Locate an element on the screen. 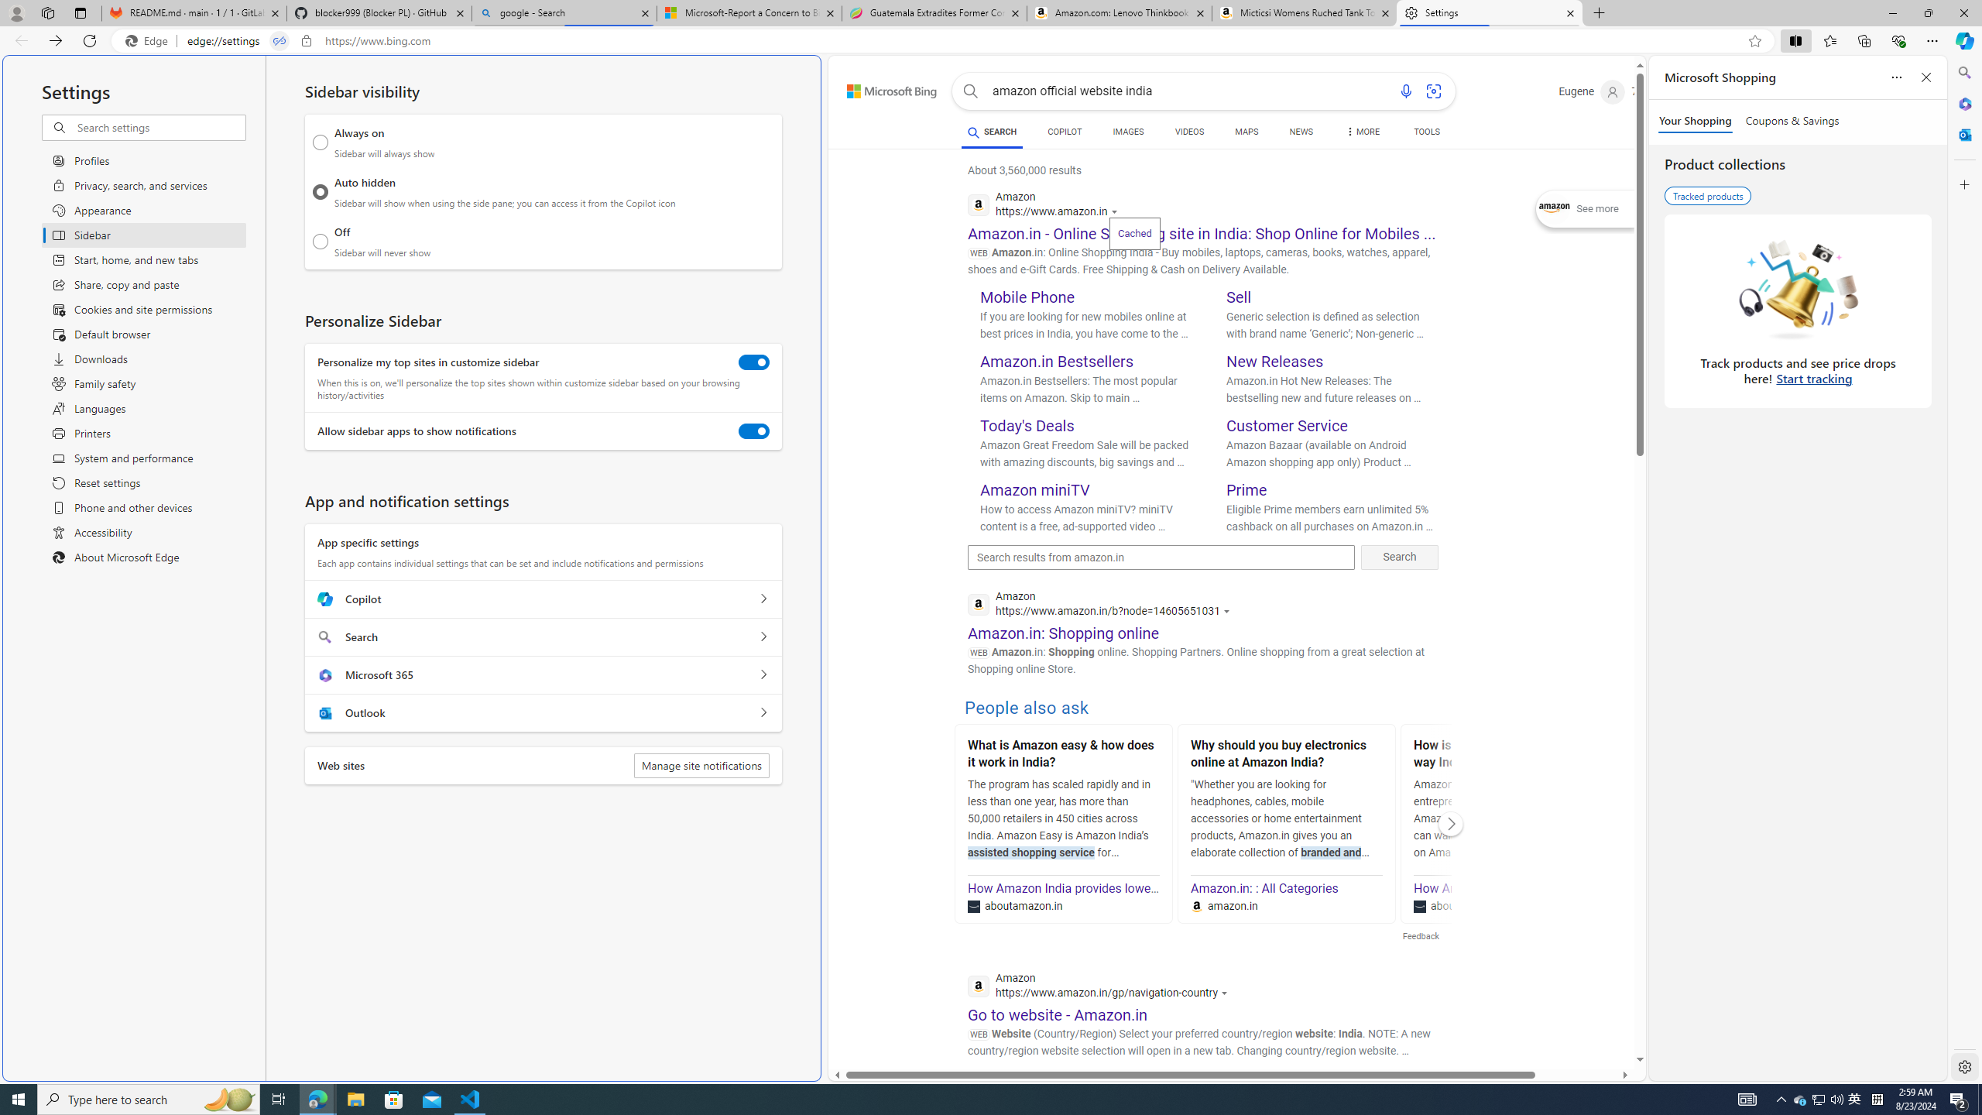 The width and height of the screenshot is (1982, 1115). 'Amazon miniTV' is located at coordinates (1035, 489).